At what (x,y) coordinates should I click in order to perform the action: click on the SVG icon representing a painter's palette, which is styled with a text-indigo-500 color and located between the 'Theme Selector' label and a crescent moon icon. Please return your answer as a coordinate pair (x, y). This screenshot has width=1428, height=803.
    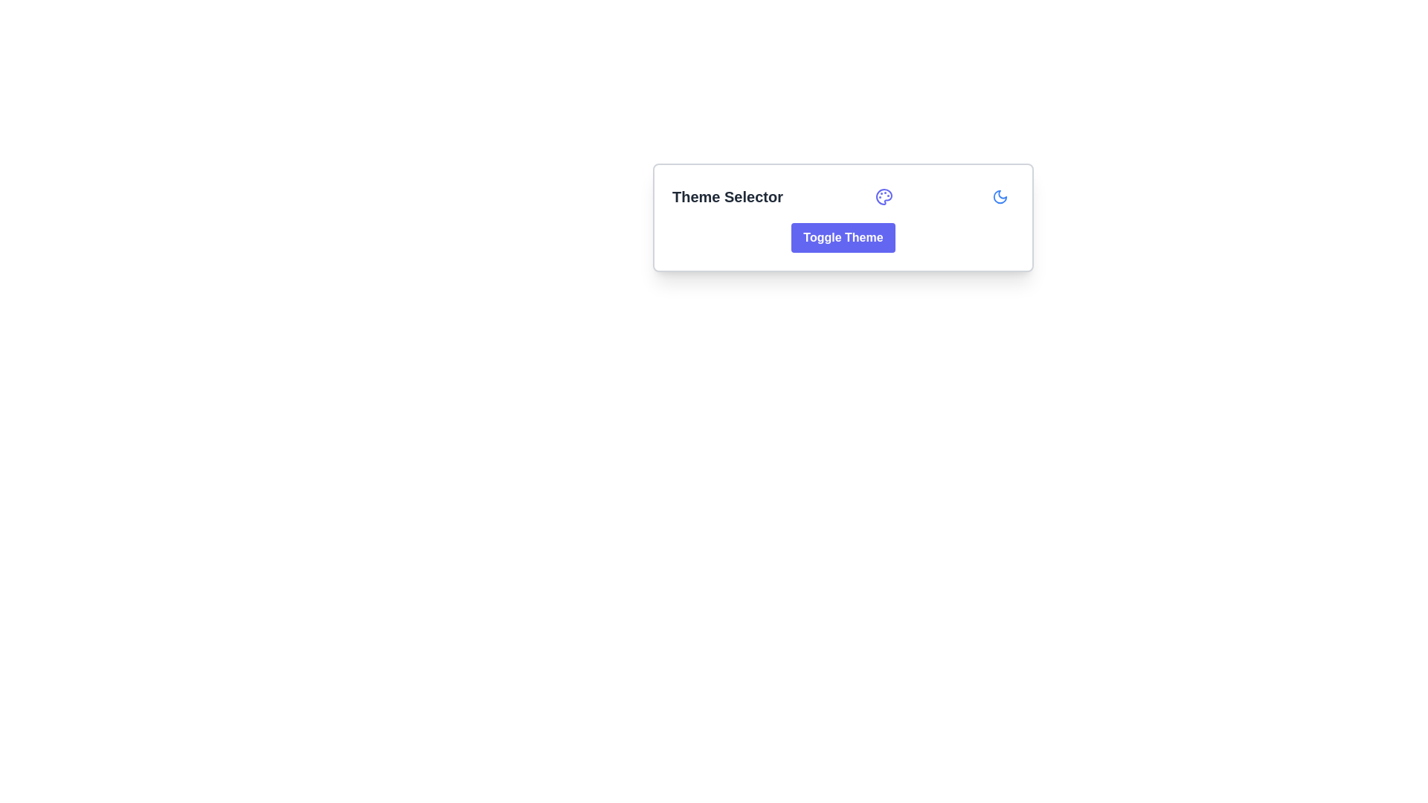
    Looking at the image, I should click on (884, 196).